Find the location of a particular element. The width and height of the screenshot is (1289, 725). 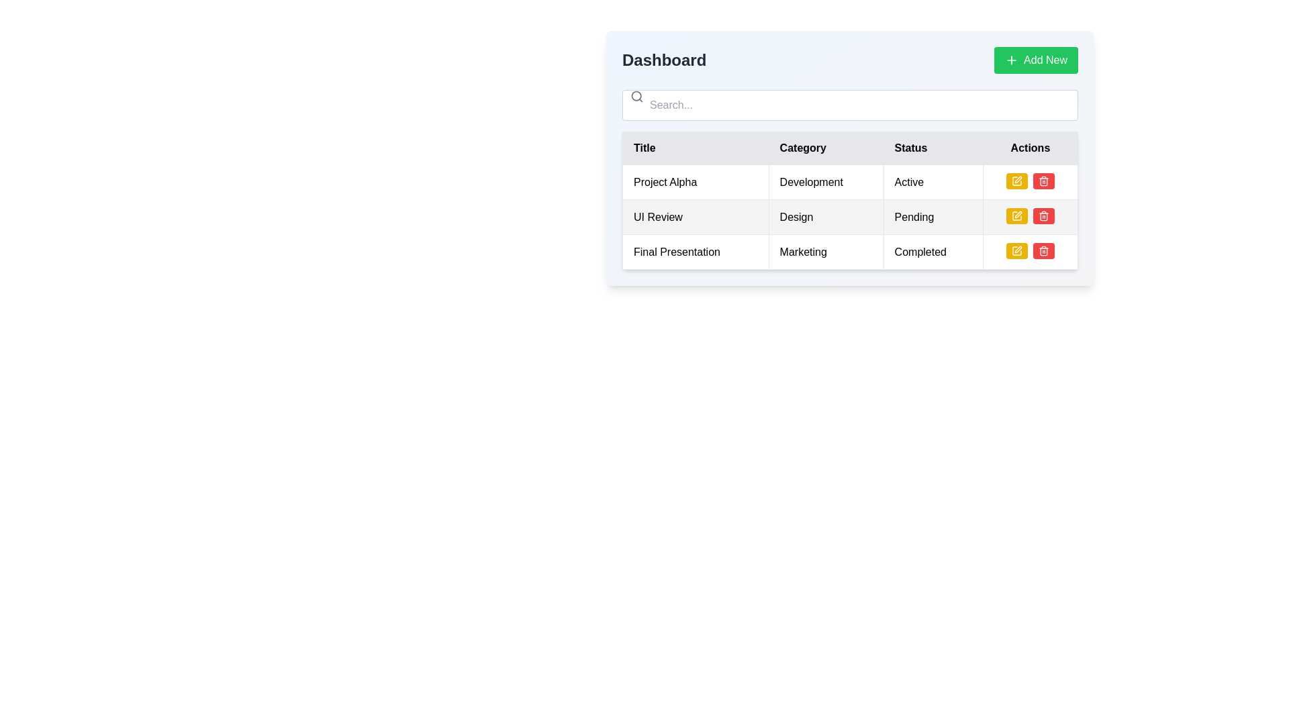

the pen-shaped edit icon located in the Actions column of the table to initiate an edit operation is located at coordinates (1018, 249).